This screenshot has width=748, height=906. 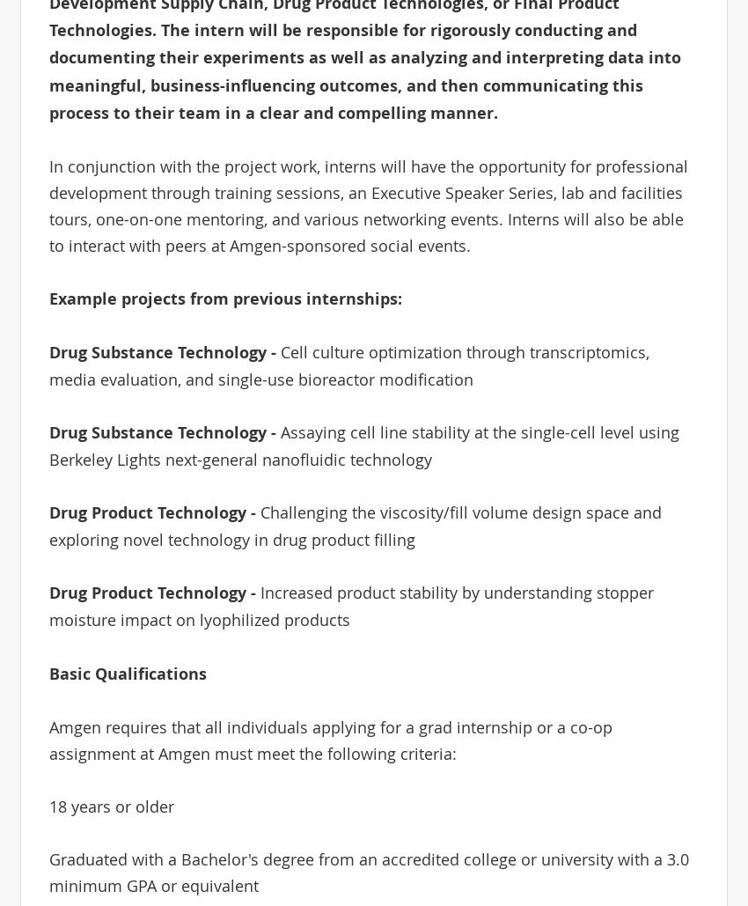 I want to click on 'Example projects from previous internships:', so click(x=48, y=298).